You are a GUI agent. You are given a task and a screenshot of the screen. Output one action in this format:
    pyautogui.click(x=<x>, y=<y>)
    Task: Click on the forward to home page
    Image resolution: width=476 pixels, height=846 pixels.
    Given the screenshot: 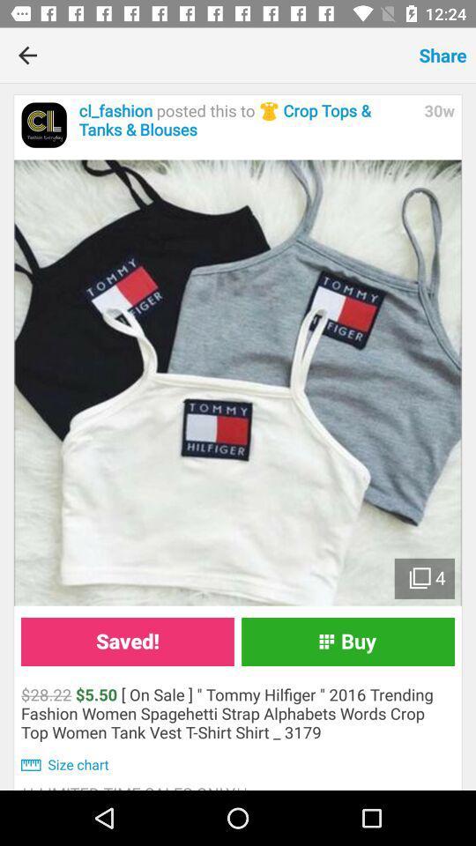 What is the action you would take?
    pyautogui.click(x=44, y=124)
    